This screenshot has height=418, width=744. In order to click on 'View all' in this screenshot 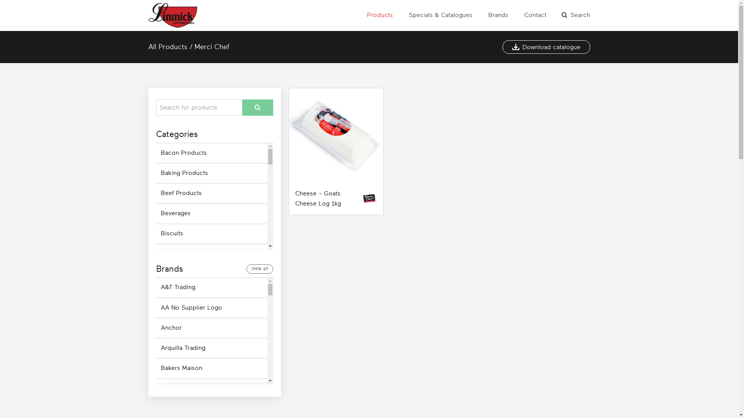, I will do `click(246, 268)`.